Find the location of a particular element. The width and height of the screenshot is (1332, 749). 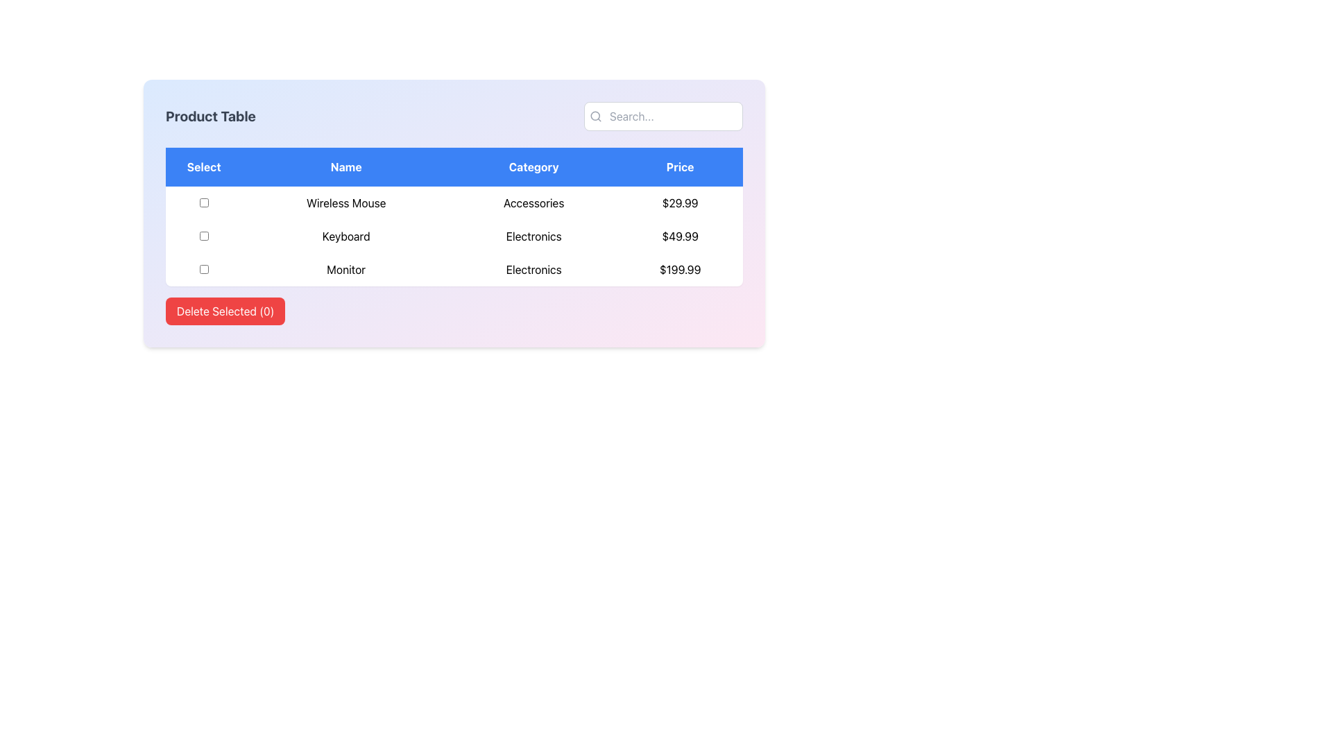

the third row in the product table, which contains product data including a name, category, price, and a selectable checkbox, to possibly trigger related actions is located at coordinates (454, 270).